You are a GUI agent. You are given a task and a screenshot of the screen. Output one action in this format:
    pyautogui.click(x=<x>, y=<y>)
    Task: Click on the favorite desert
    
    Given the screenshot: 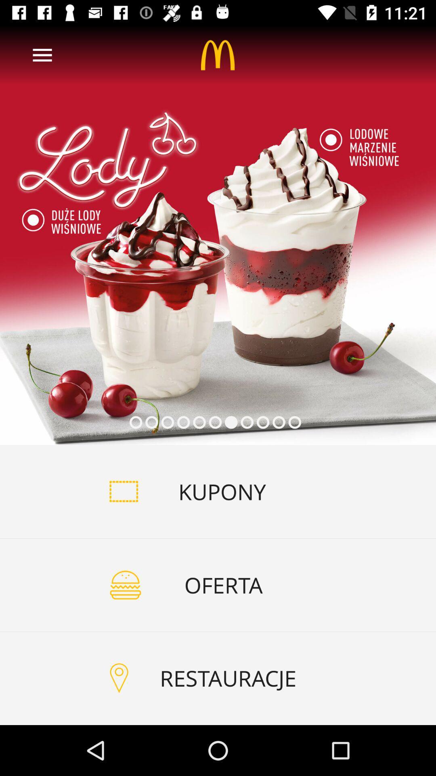 What is the action you would take?
    pyautogui.click(x=218, y=234)
    